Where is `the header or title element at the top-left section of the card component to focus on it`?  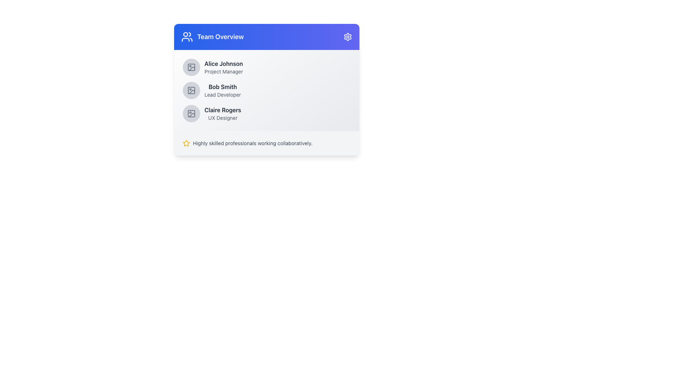
the header or title element at the top-left section of the card component to focus on it is located at coordinates (212, 37).